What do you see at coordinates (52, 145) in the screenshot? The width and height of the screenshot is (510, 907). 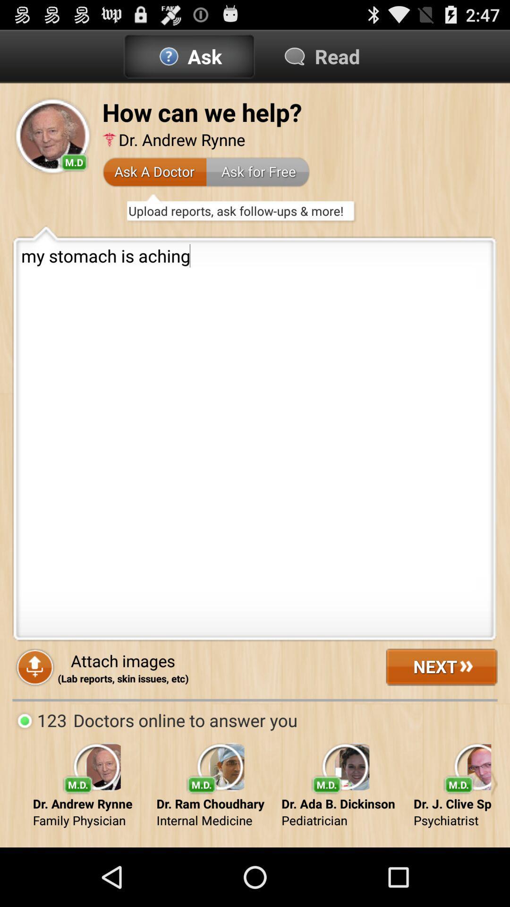 I see `the avatar icon` at bounding box center [52, 145].